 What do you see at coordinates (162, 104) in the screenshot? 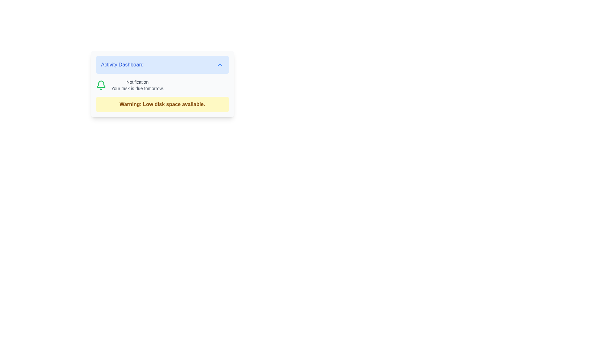
I see `the warning notification text label that informs the user about low disk space availability, located in the yellow-background notification box within the 'Activity Dashboard' widget` at bounding box center [162, 104].